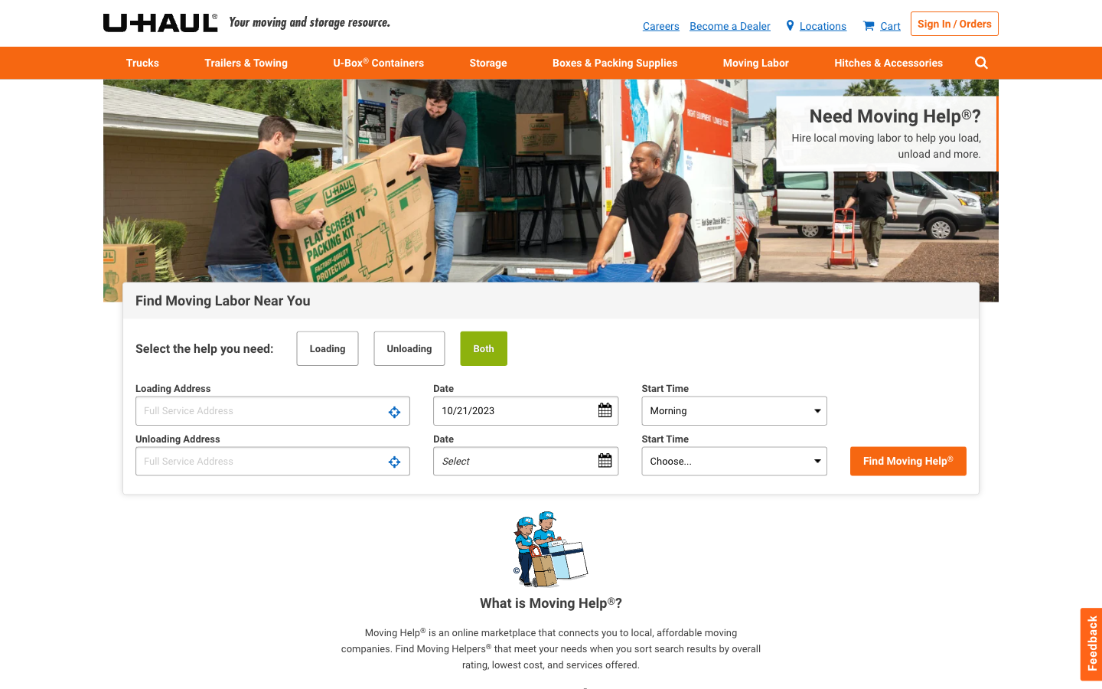  I want to click on Acquire moving boxes, so click(378, 61).